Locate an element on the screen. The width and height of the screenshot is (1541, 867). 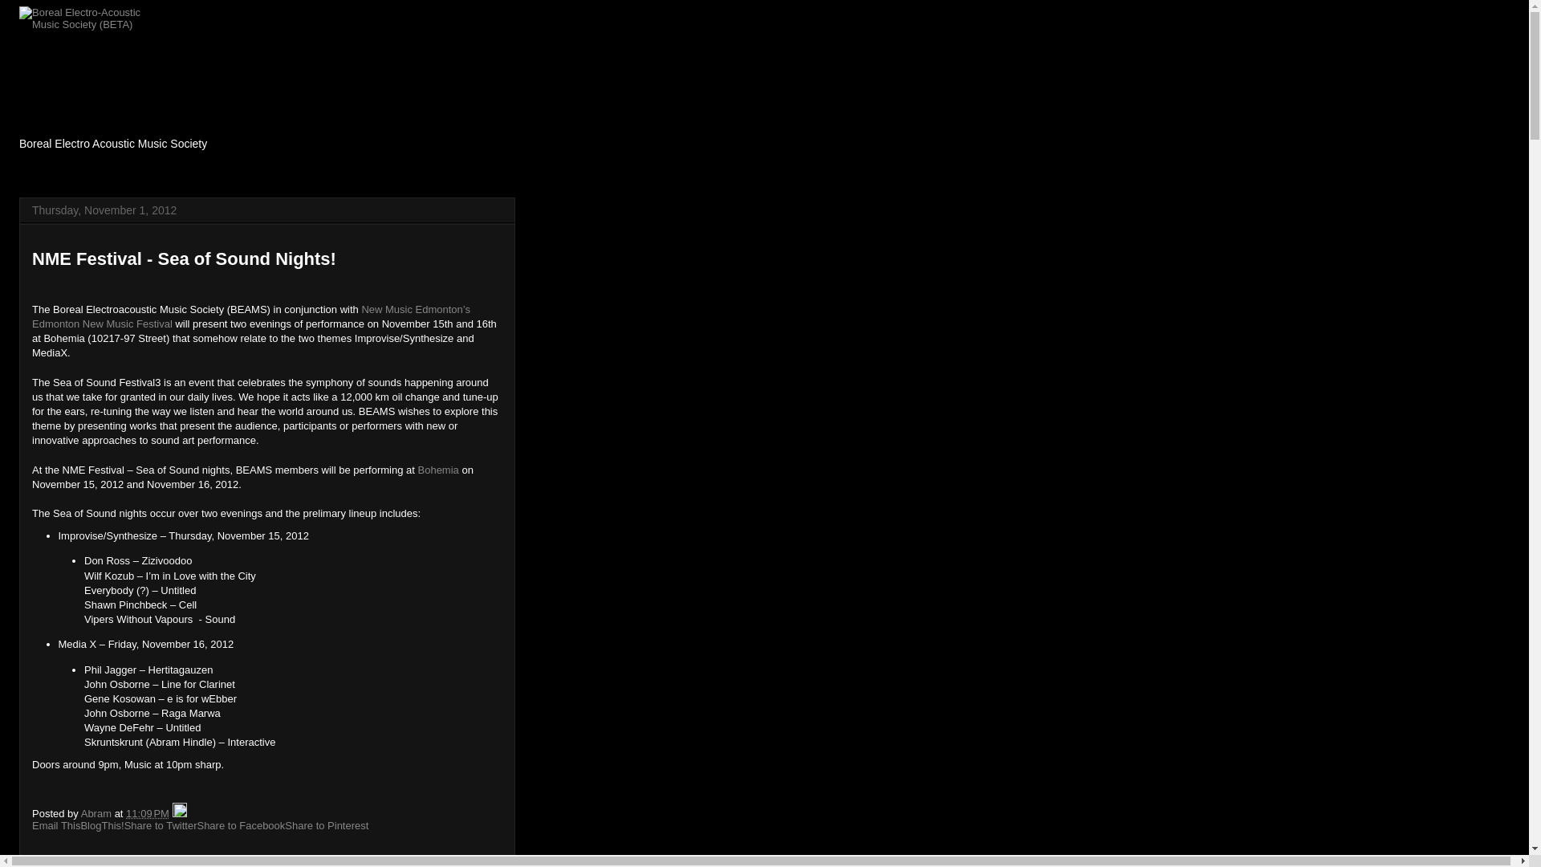
'Edit Post' is located at coordinates (180, 813).